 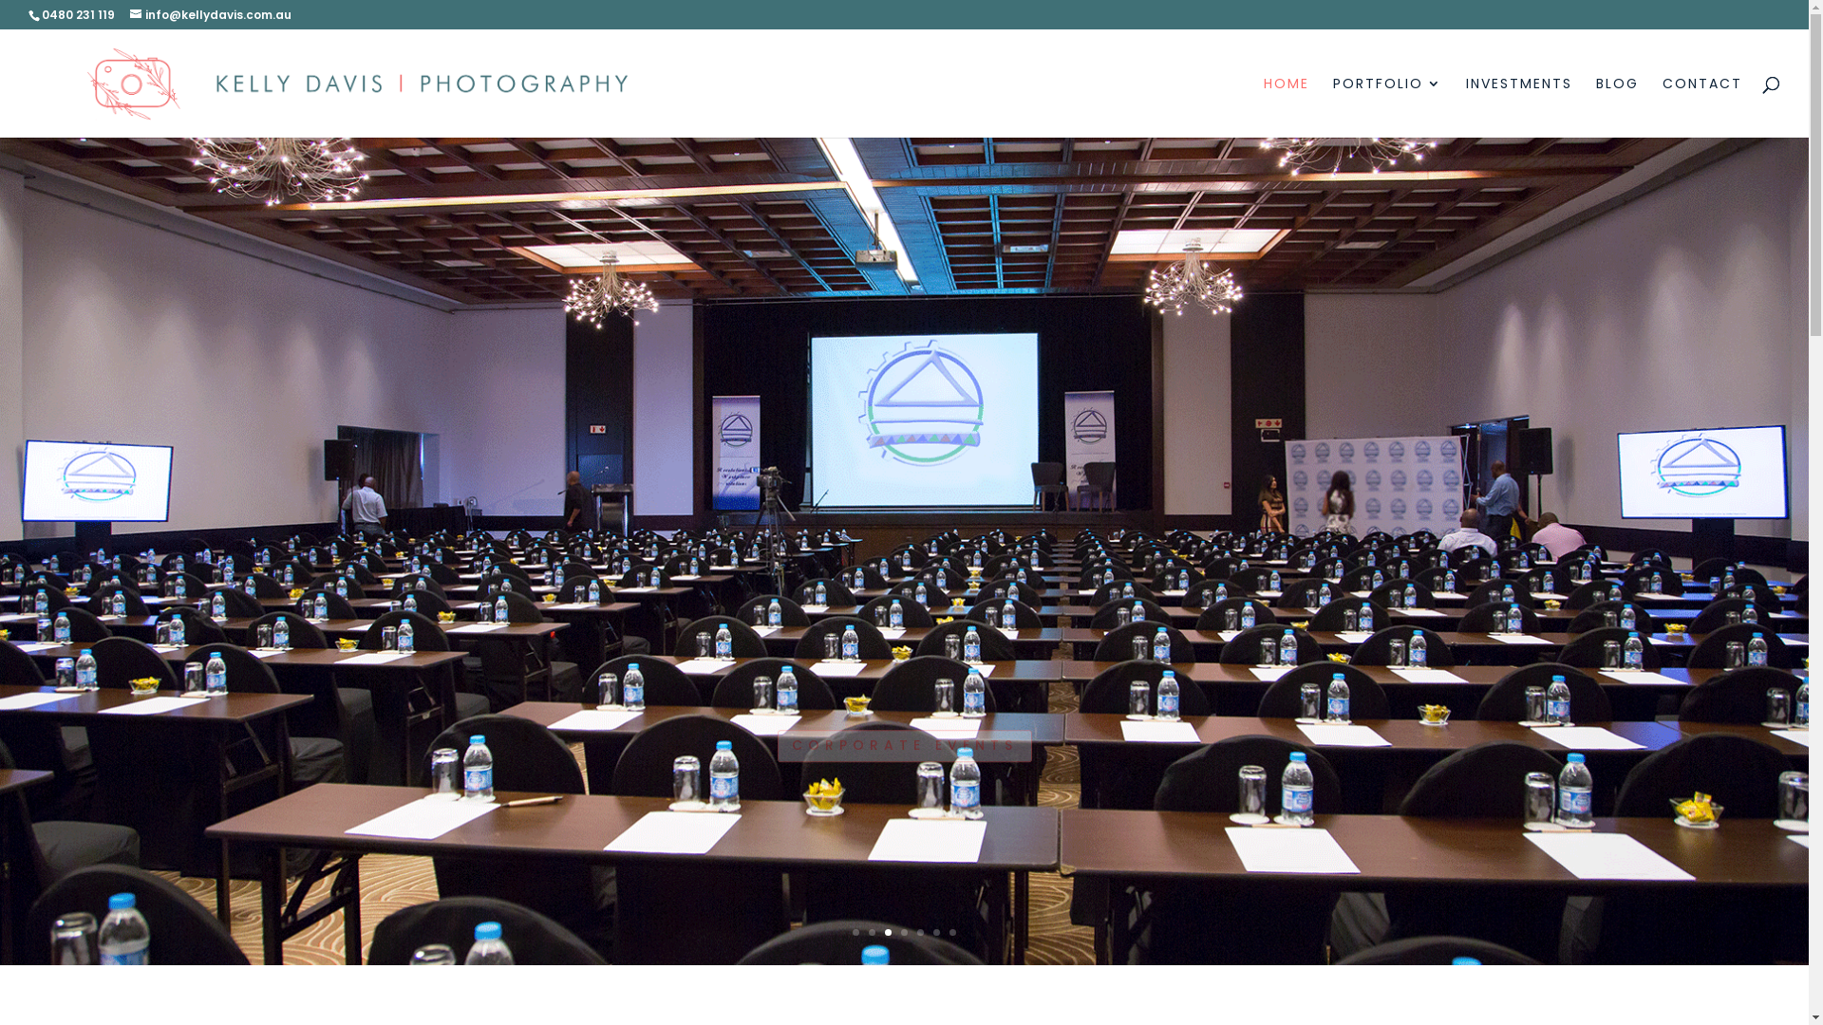 I want to click on '4', so click(x=900, y=931).